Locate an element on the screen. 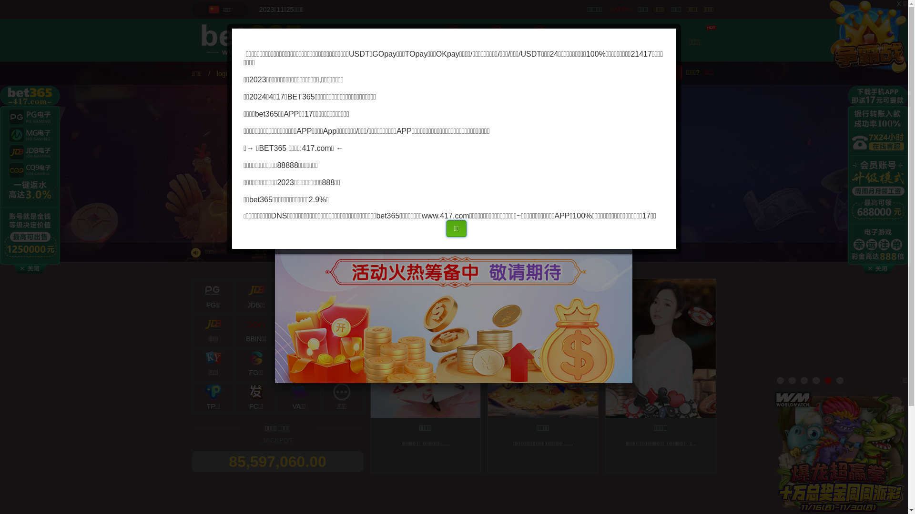  'Reset Focus' is located at coordinates (243, 236).